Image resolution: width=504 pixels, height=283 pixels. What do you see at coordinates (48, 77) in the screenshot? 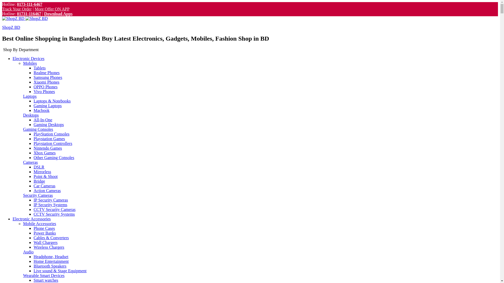
I see `'Samsung Phones'` at bounding box center [48, 77].